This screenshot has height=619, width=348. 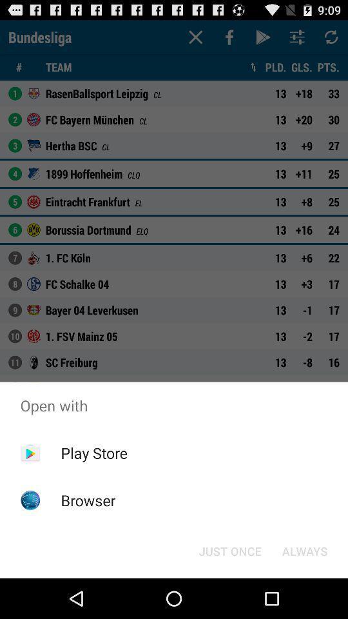 What do you see at coordinates (229, 550) in the screenshot?
I see `just once button` at bounding box center [229, 550].